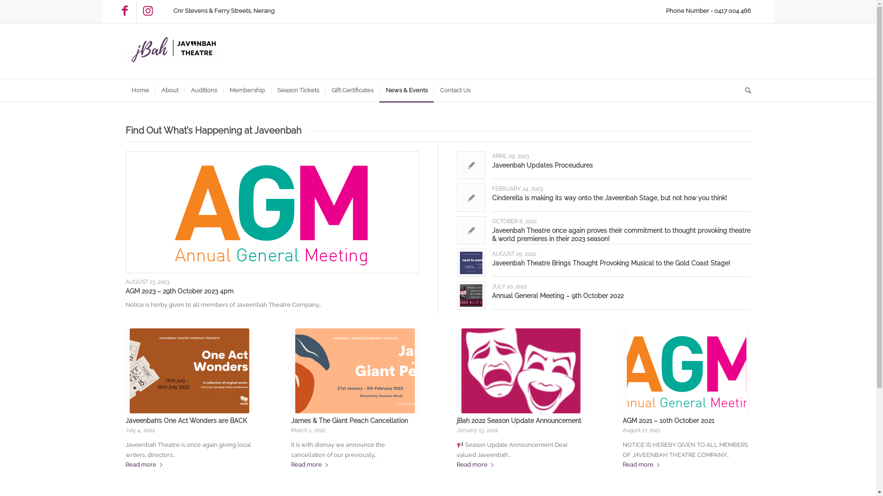 The height and width of the screenshot is (496, 883). What do you see at coordinates (124, 11) in the screenshot?
I see `'Facebook'` at bounding box center [124, 11].